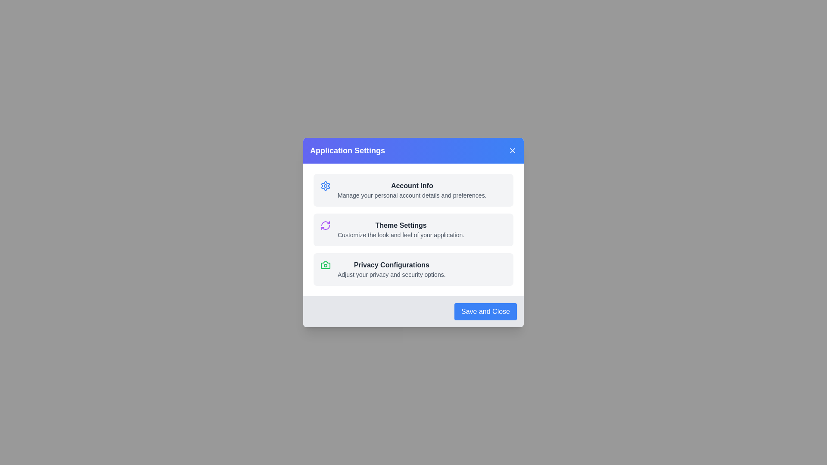 The width and height of the screenshot is (827, 465). Describe the element at coordinates (485, 312) in the screenshot. I see `the 'Save and Close' button to save the settings and close the dialog` at that location.